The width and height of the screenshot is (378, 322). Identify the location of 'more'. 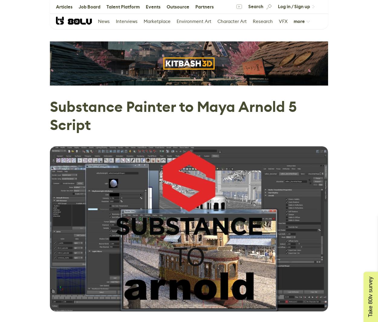
(293, 21).